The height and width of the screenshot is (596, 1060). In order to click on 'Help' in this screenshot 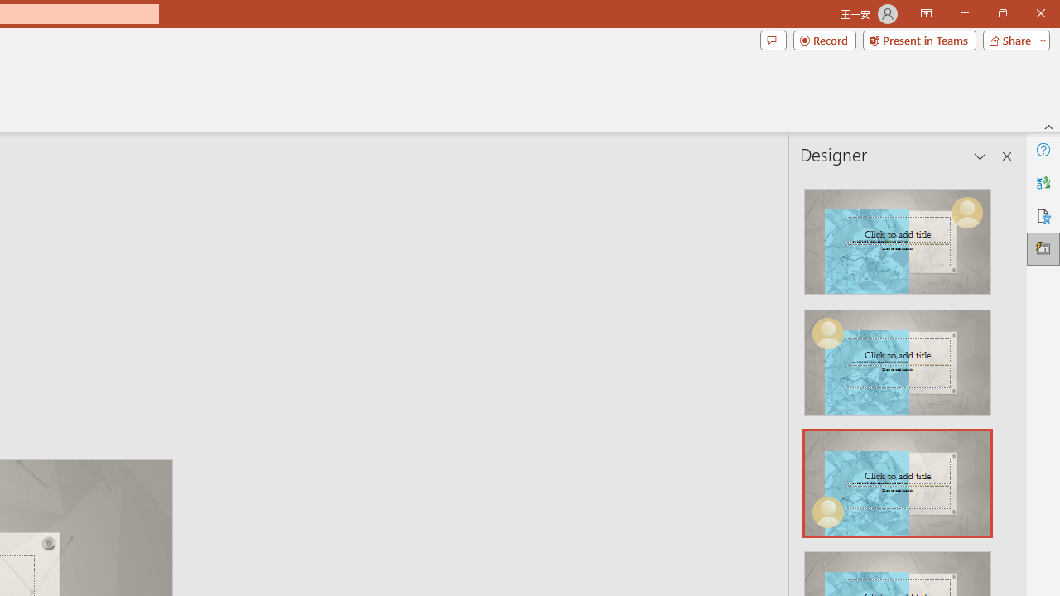, I will do `click(1043, 150)`.